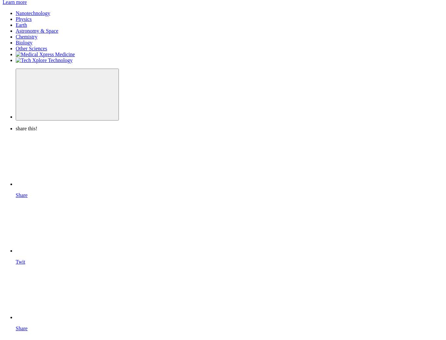 The height and width of the screenshot is (340, 446). Describe the element at coordinates (20, 262) in the screenshot. I see `'Twit'` at that location.